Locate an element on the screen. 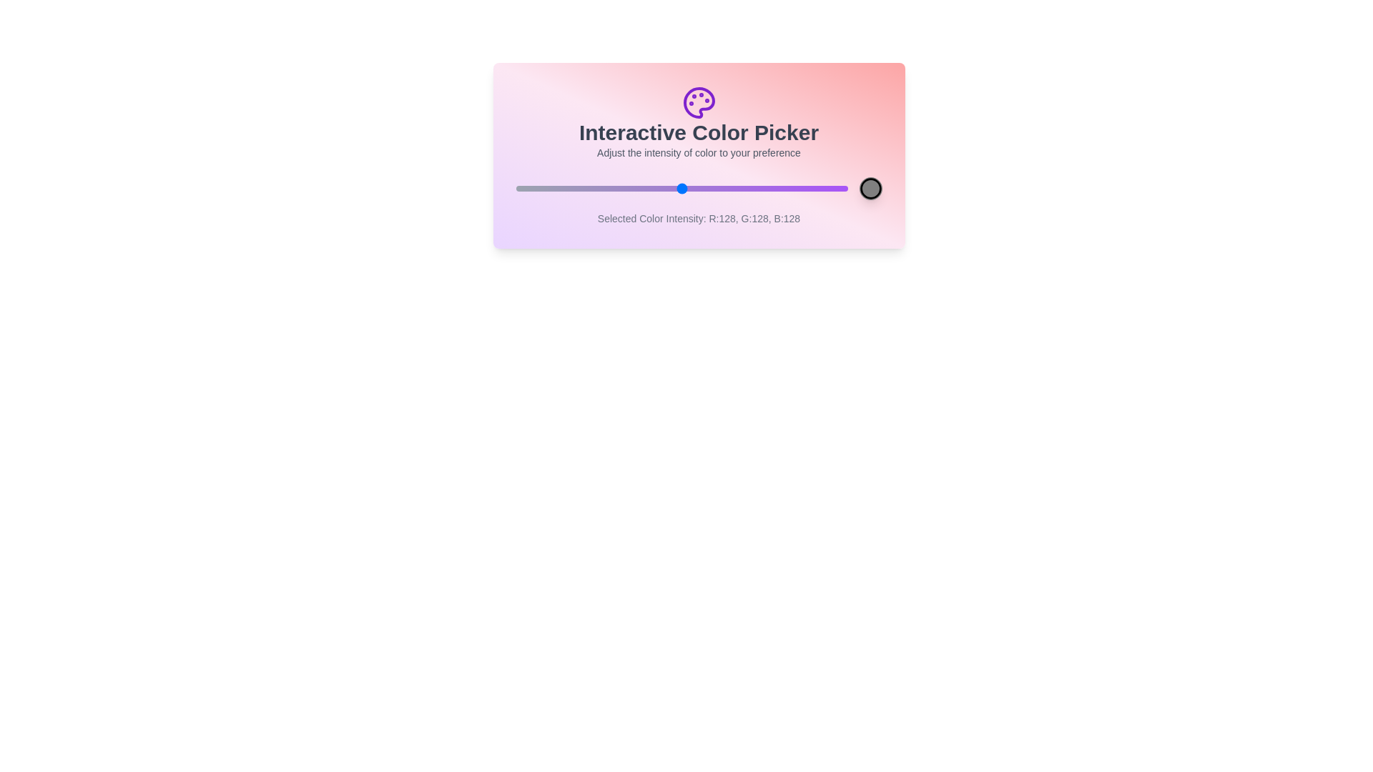  the slider to set the color intensity to 203 is located at coordinates (778, 187).